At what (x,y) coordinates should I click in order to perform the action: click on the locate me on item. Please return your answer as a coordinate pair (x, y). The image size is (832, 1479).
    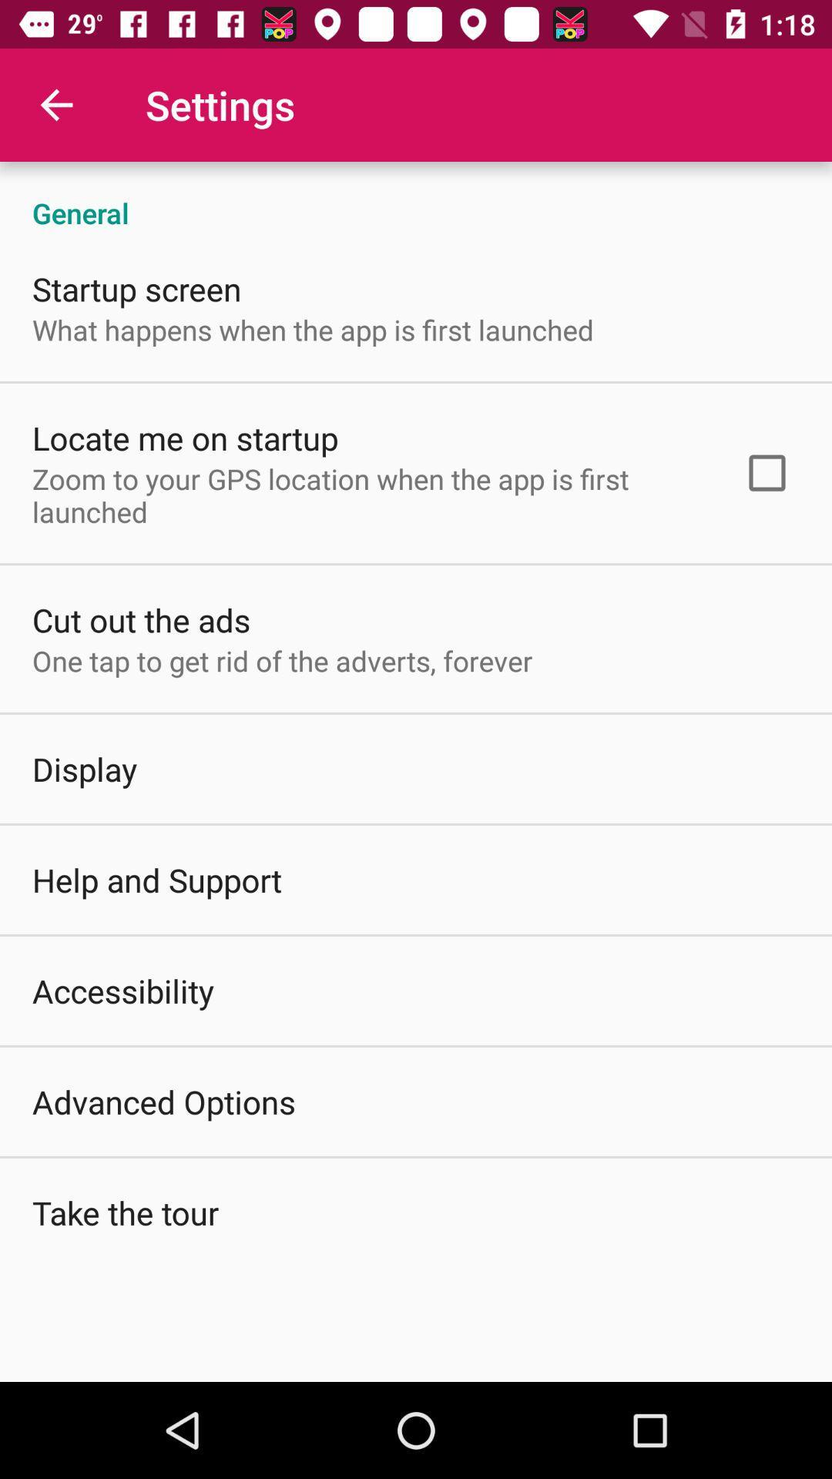
    Looking at the image, I should click on (184, 437).